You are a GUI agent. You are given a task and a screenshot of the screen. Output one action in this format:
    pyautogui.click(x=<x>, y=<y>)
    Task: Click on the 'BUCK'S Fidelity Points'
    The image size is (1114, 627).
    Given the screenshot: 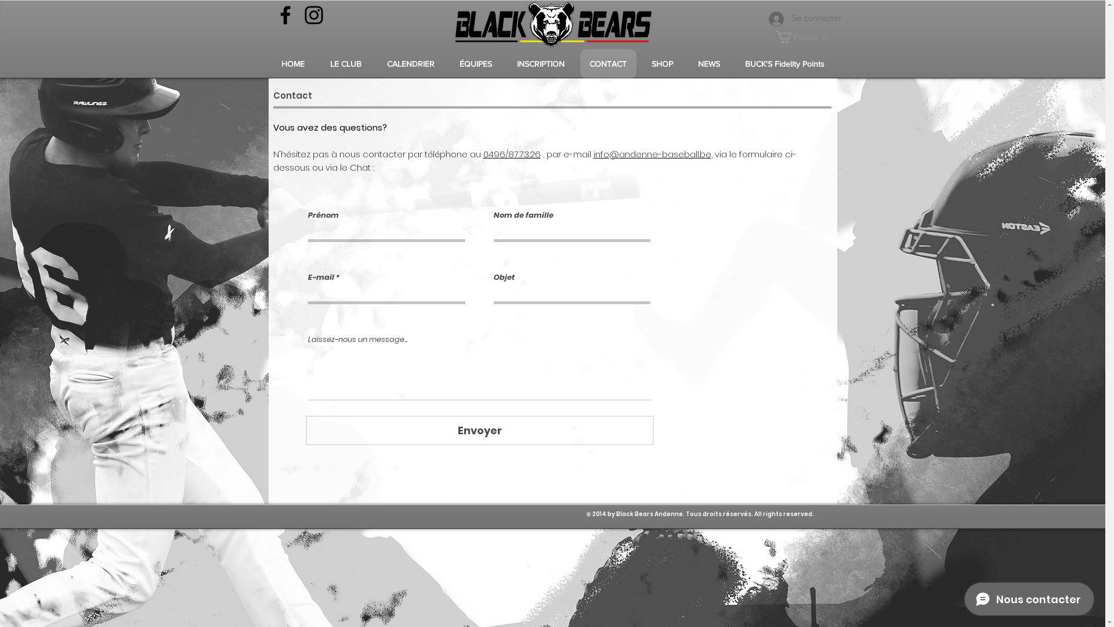 What is the action you would take?
    pyautogui.click(x=735, y=64)
    